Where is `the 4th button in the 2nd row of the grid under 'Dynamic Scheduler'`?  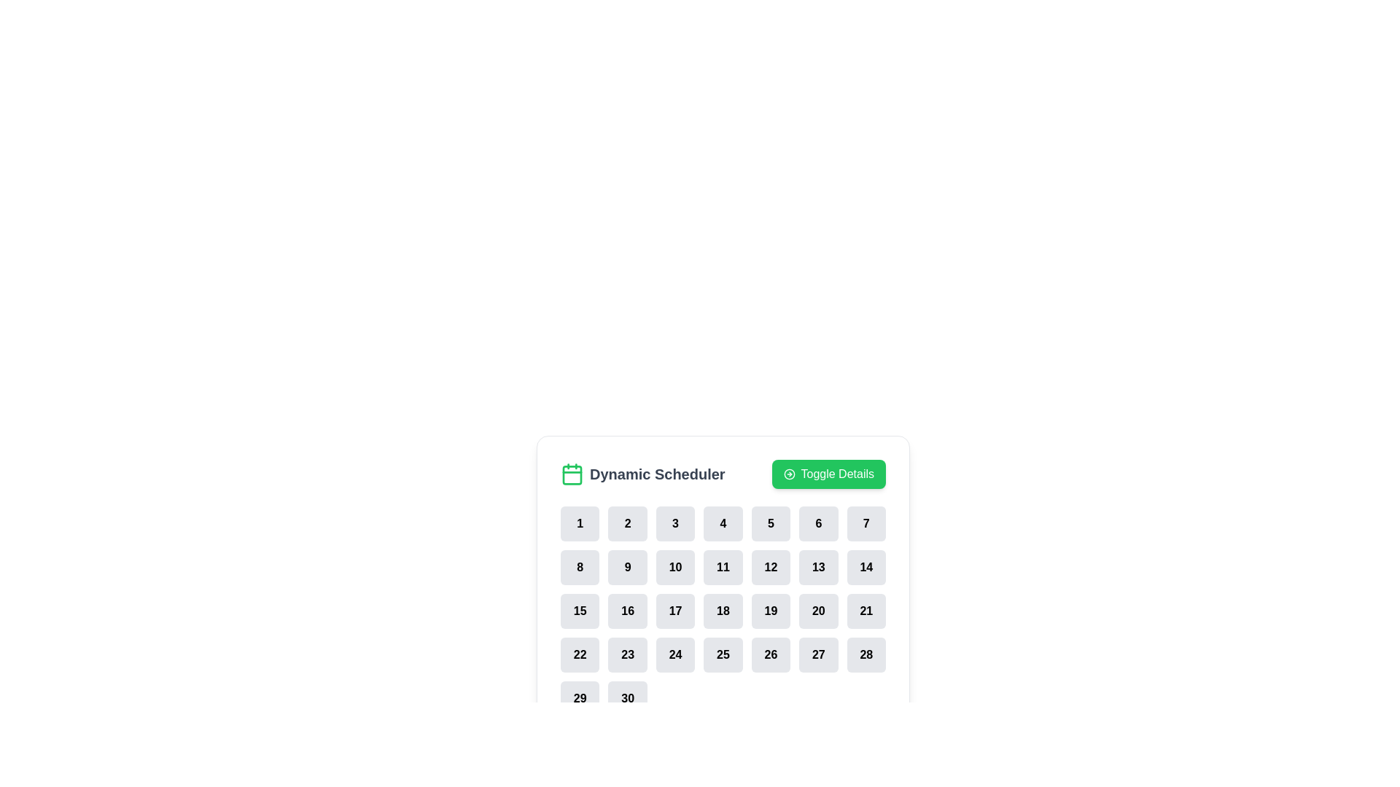
the 4th button in the 2nd row of the grid under 'Dynamic Scheduler' is located at coordinates (723, 567).